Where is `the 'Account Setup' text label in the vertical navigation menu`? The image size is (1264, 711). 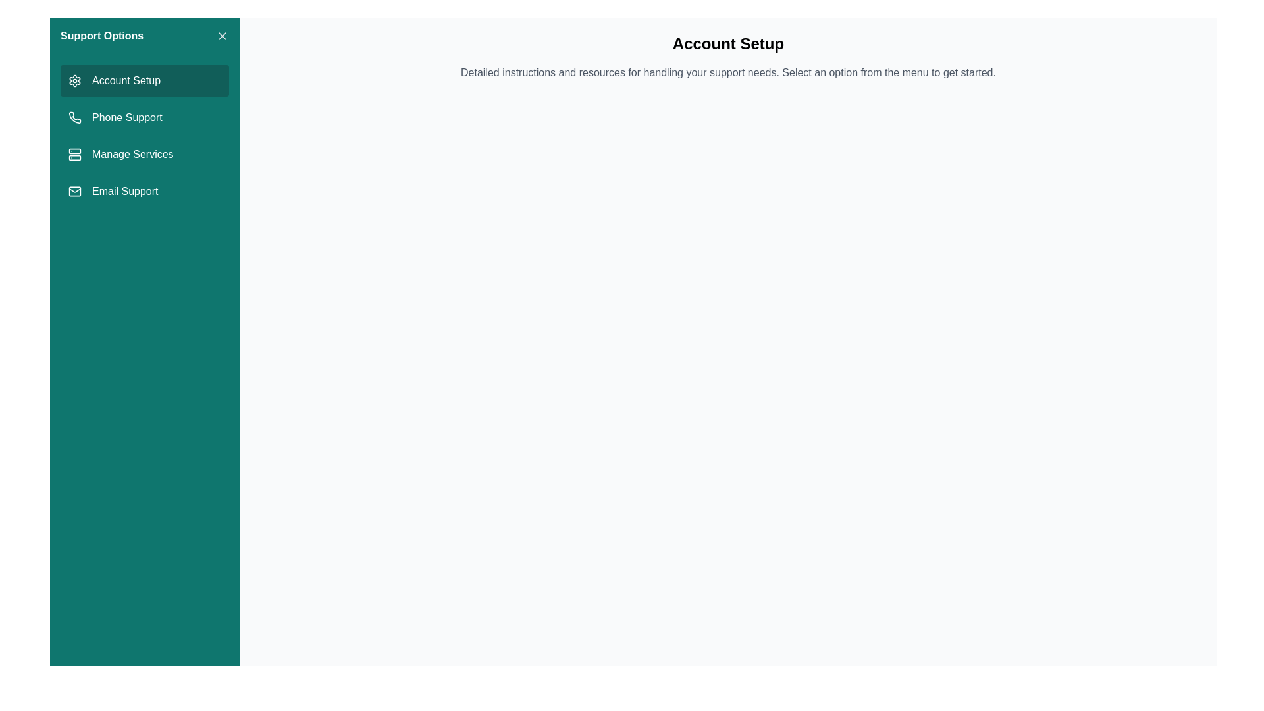 the 'Account Setup' text label in the vertical navigation menu is located at coordinates (126, 81).